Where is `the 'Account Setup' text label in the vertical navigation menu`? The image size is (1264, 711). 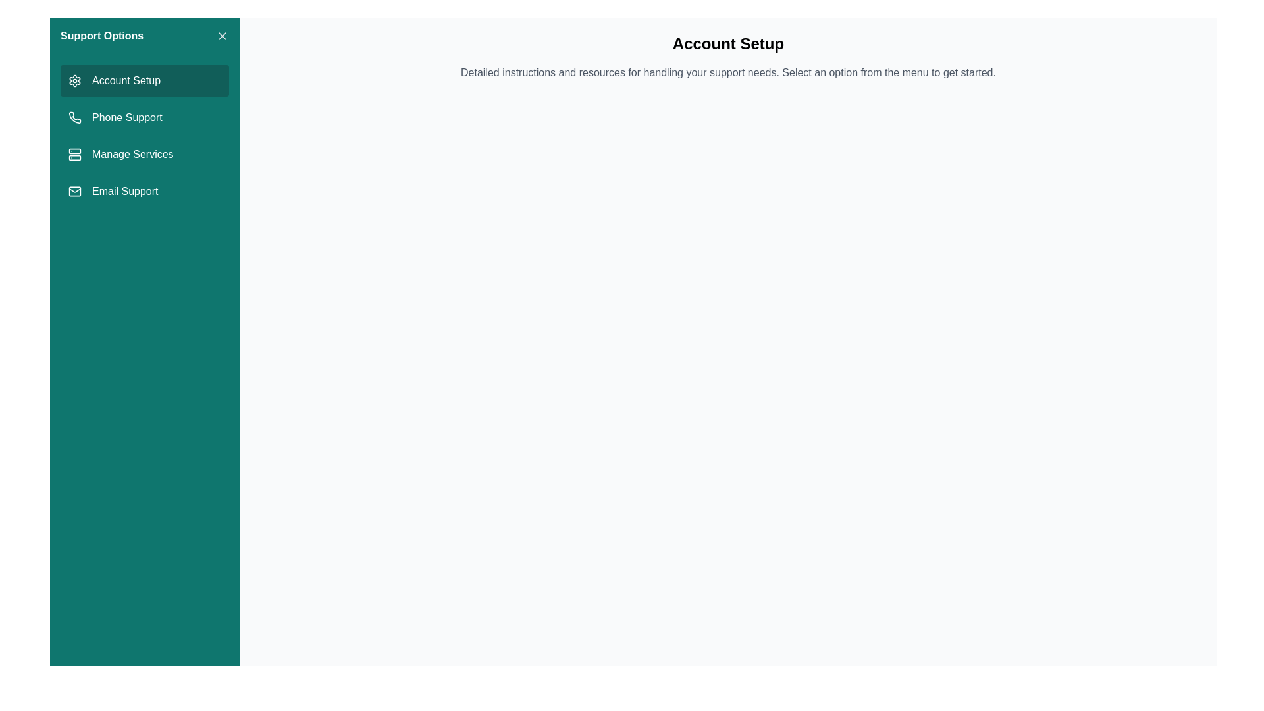 the 'Account Setup' text label in the vertical navigation menu is located at coordinates (126, 81).